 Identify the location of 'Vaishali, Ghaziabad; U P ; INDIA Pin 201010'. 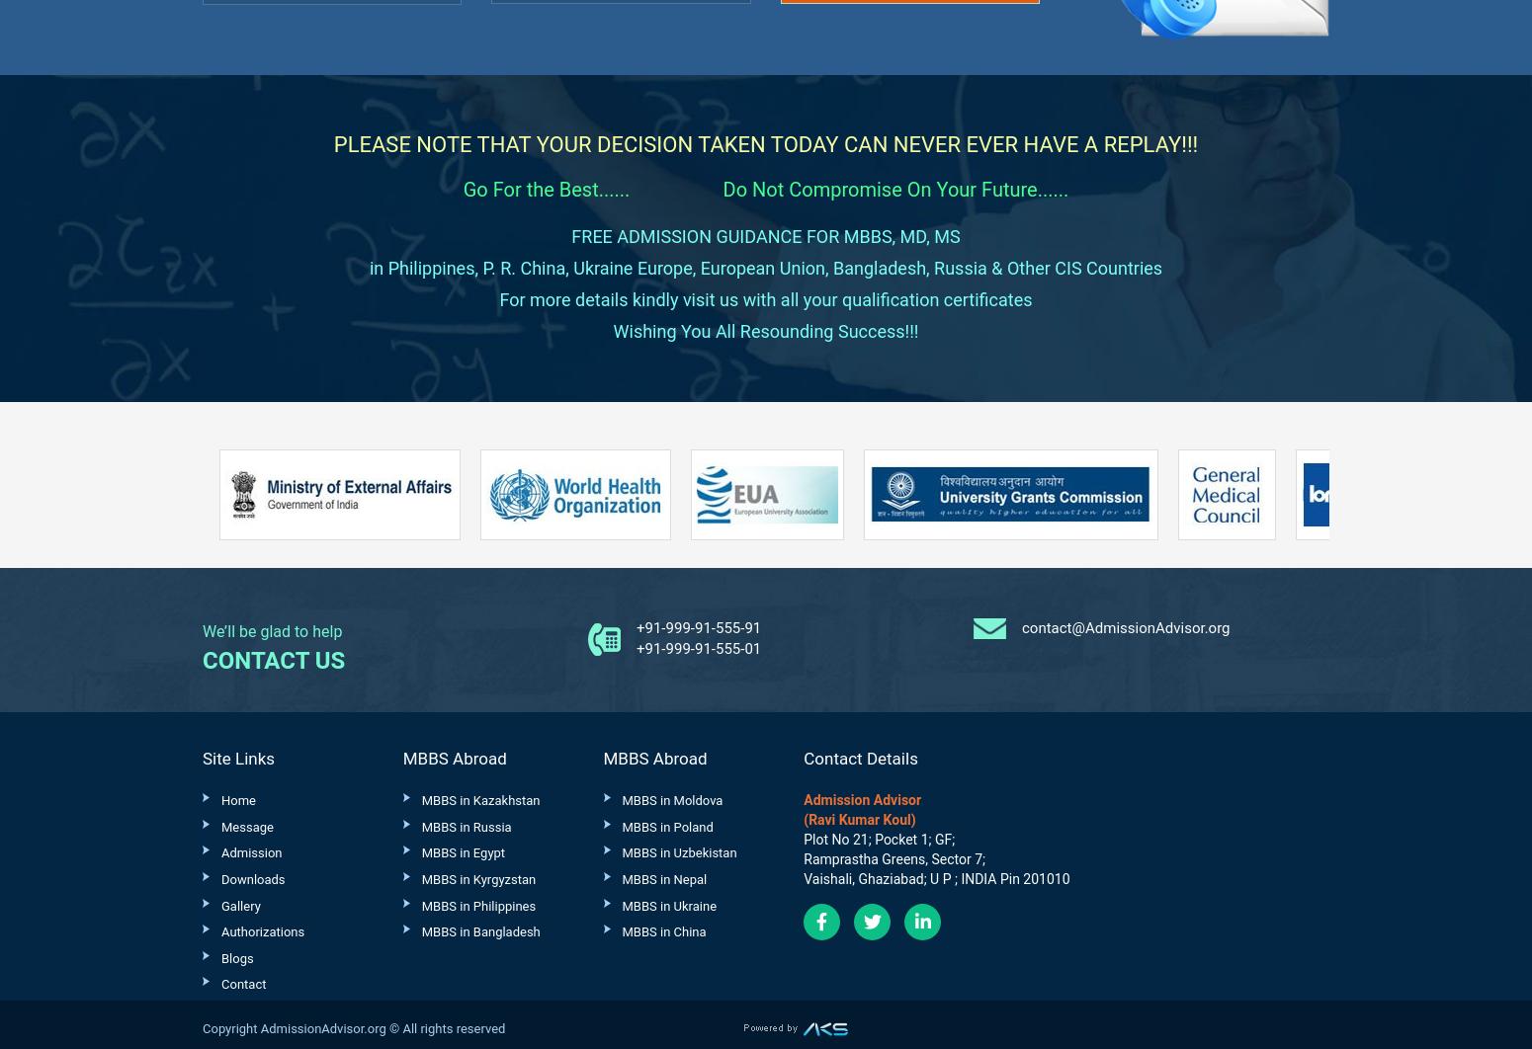
(935, 877).